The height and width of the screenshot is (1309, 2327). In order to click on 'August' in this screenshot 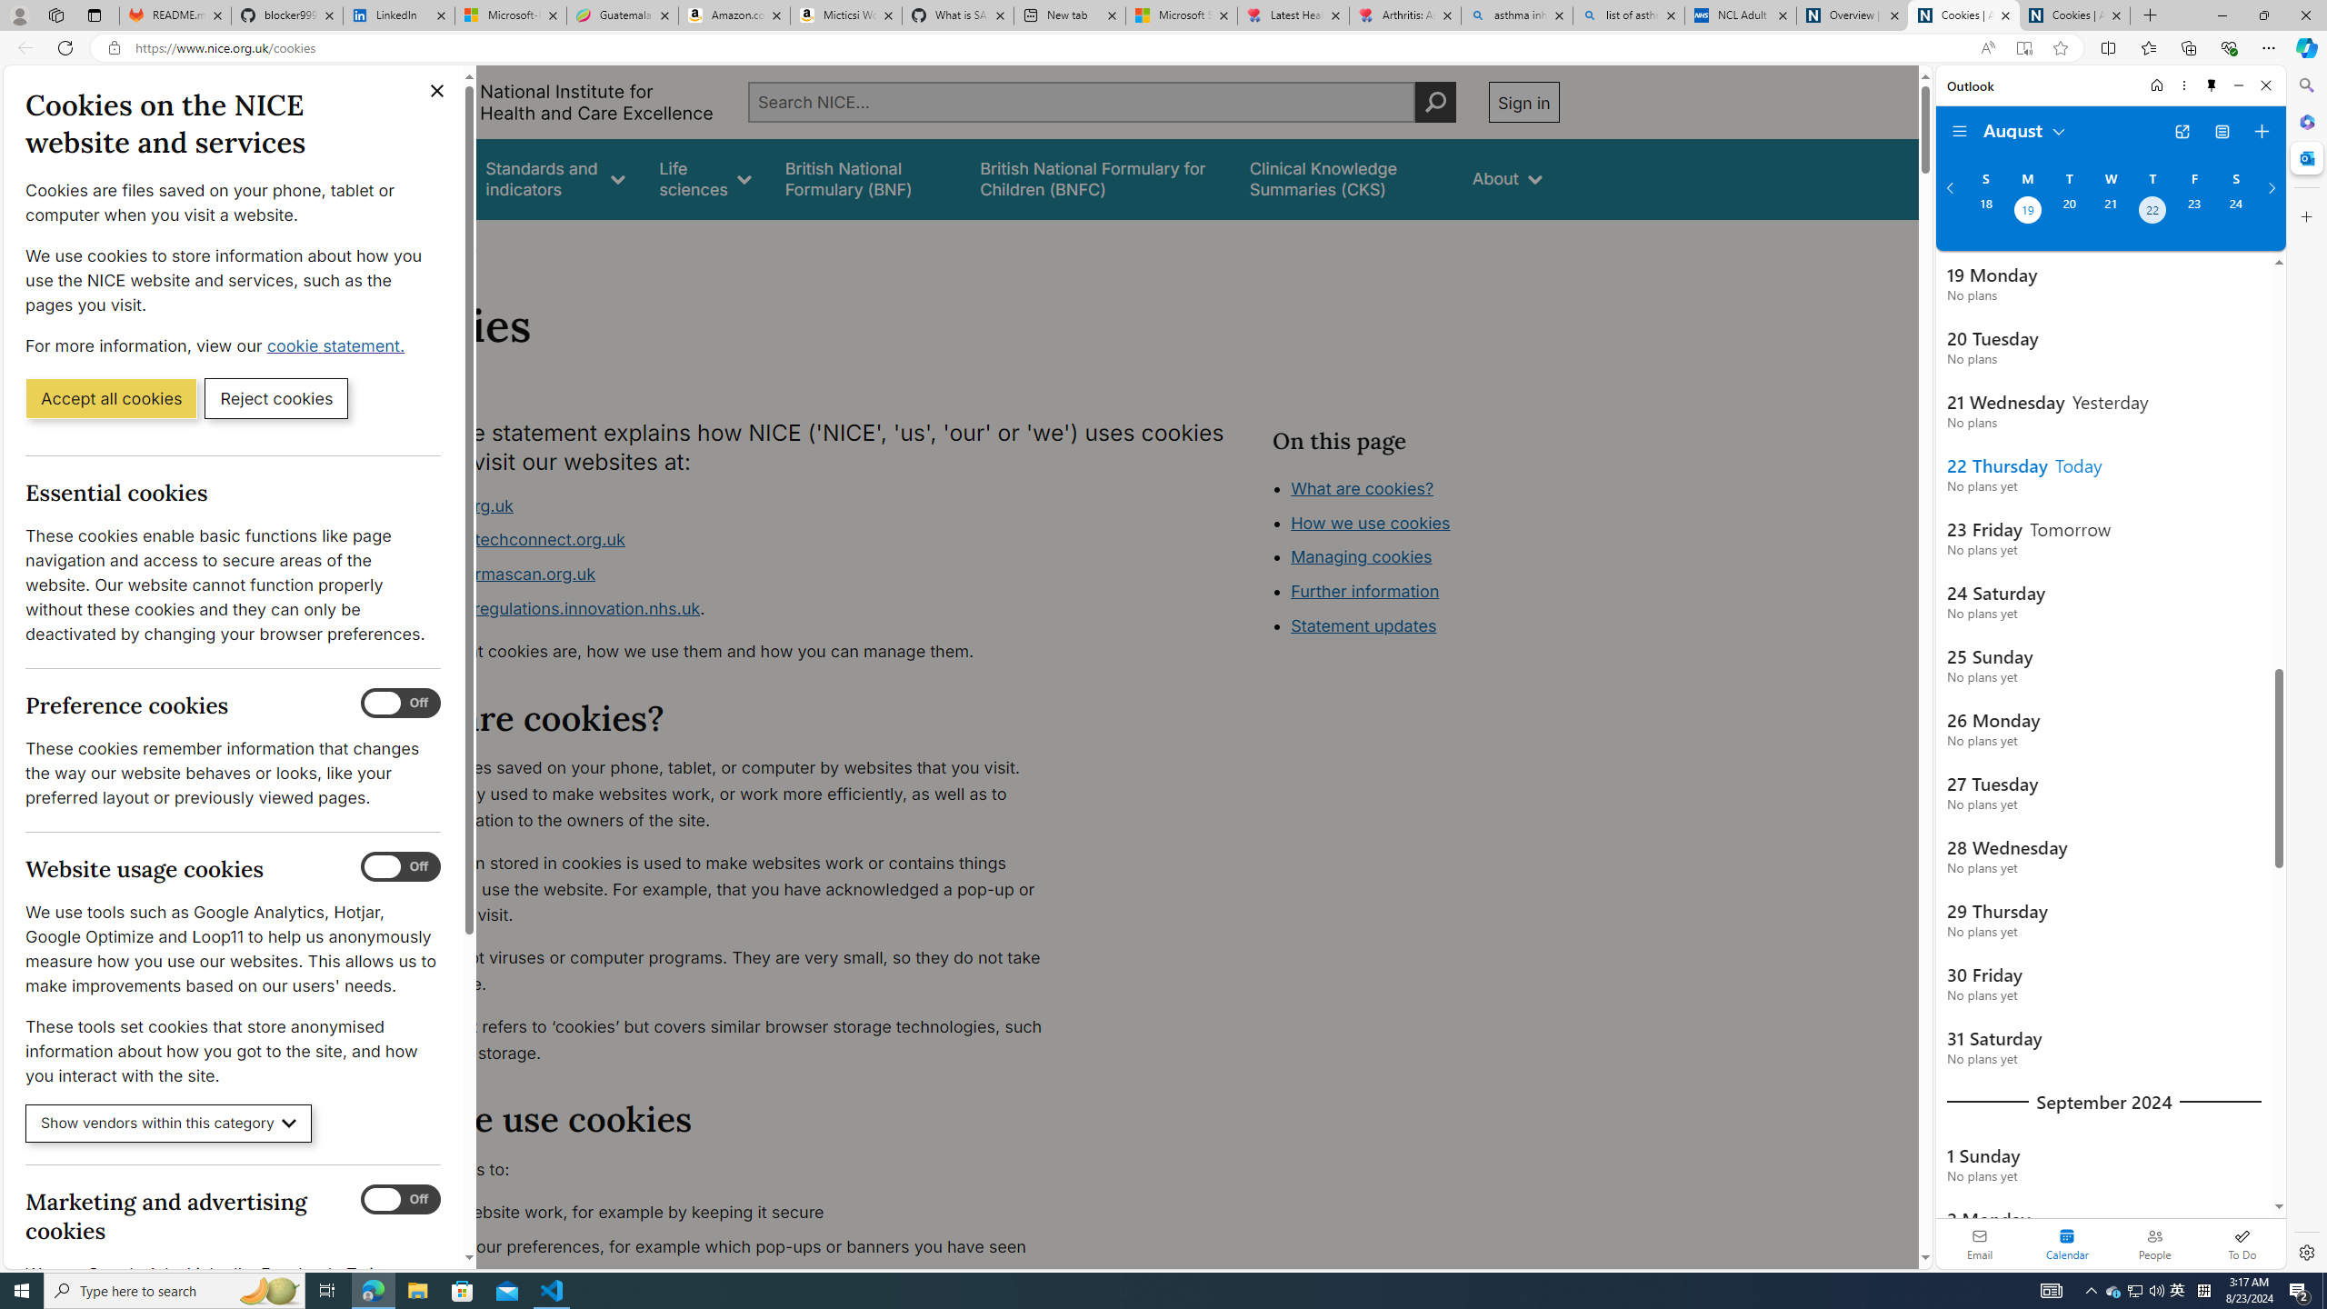, I will do `click(2024, 128)`.